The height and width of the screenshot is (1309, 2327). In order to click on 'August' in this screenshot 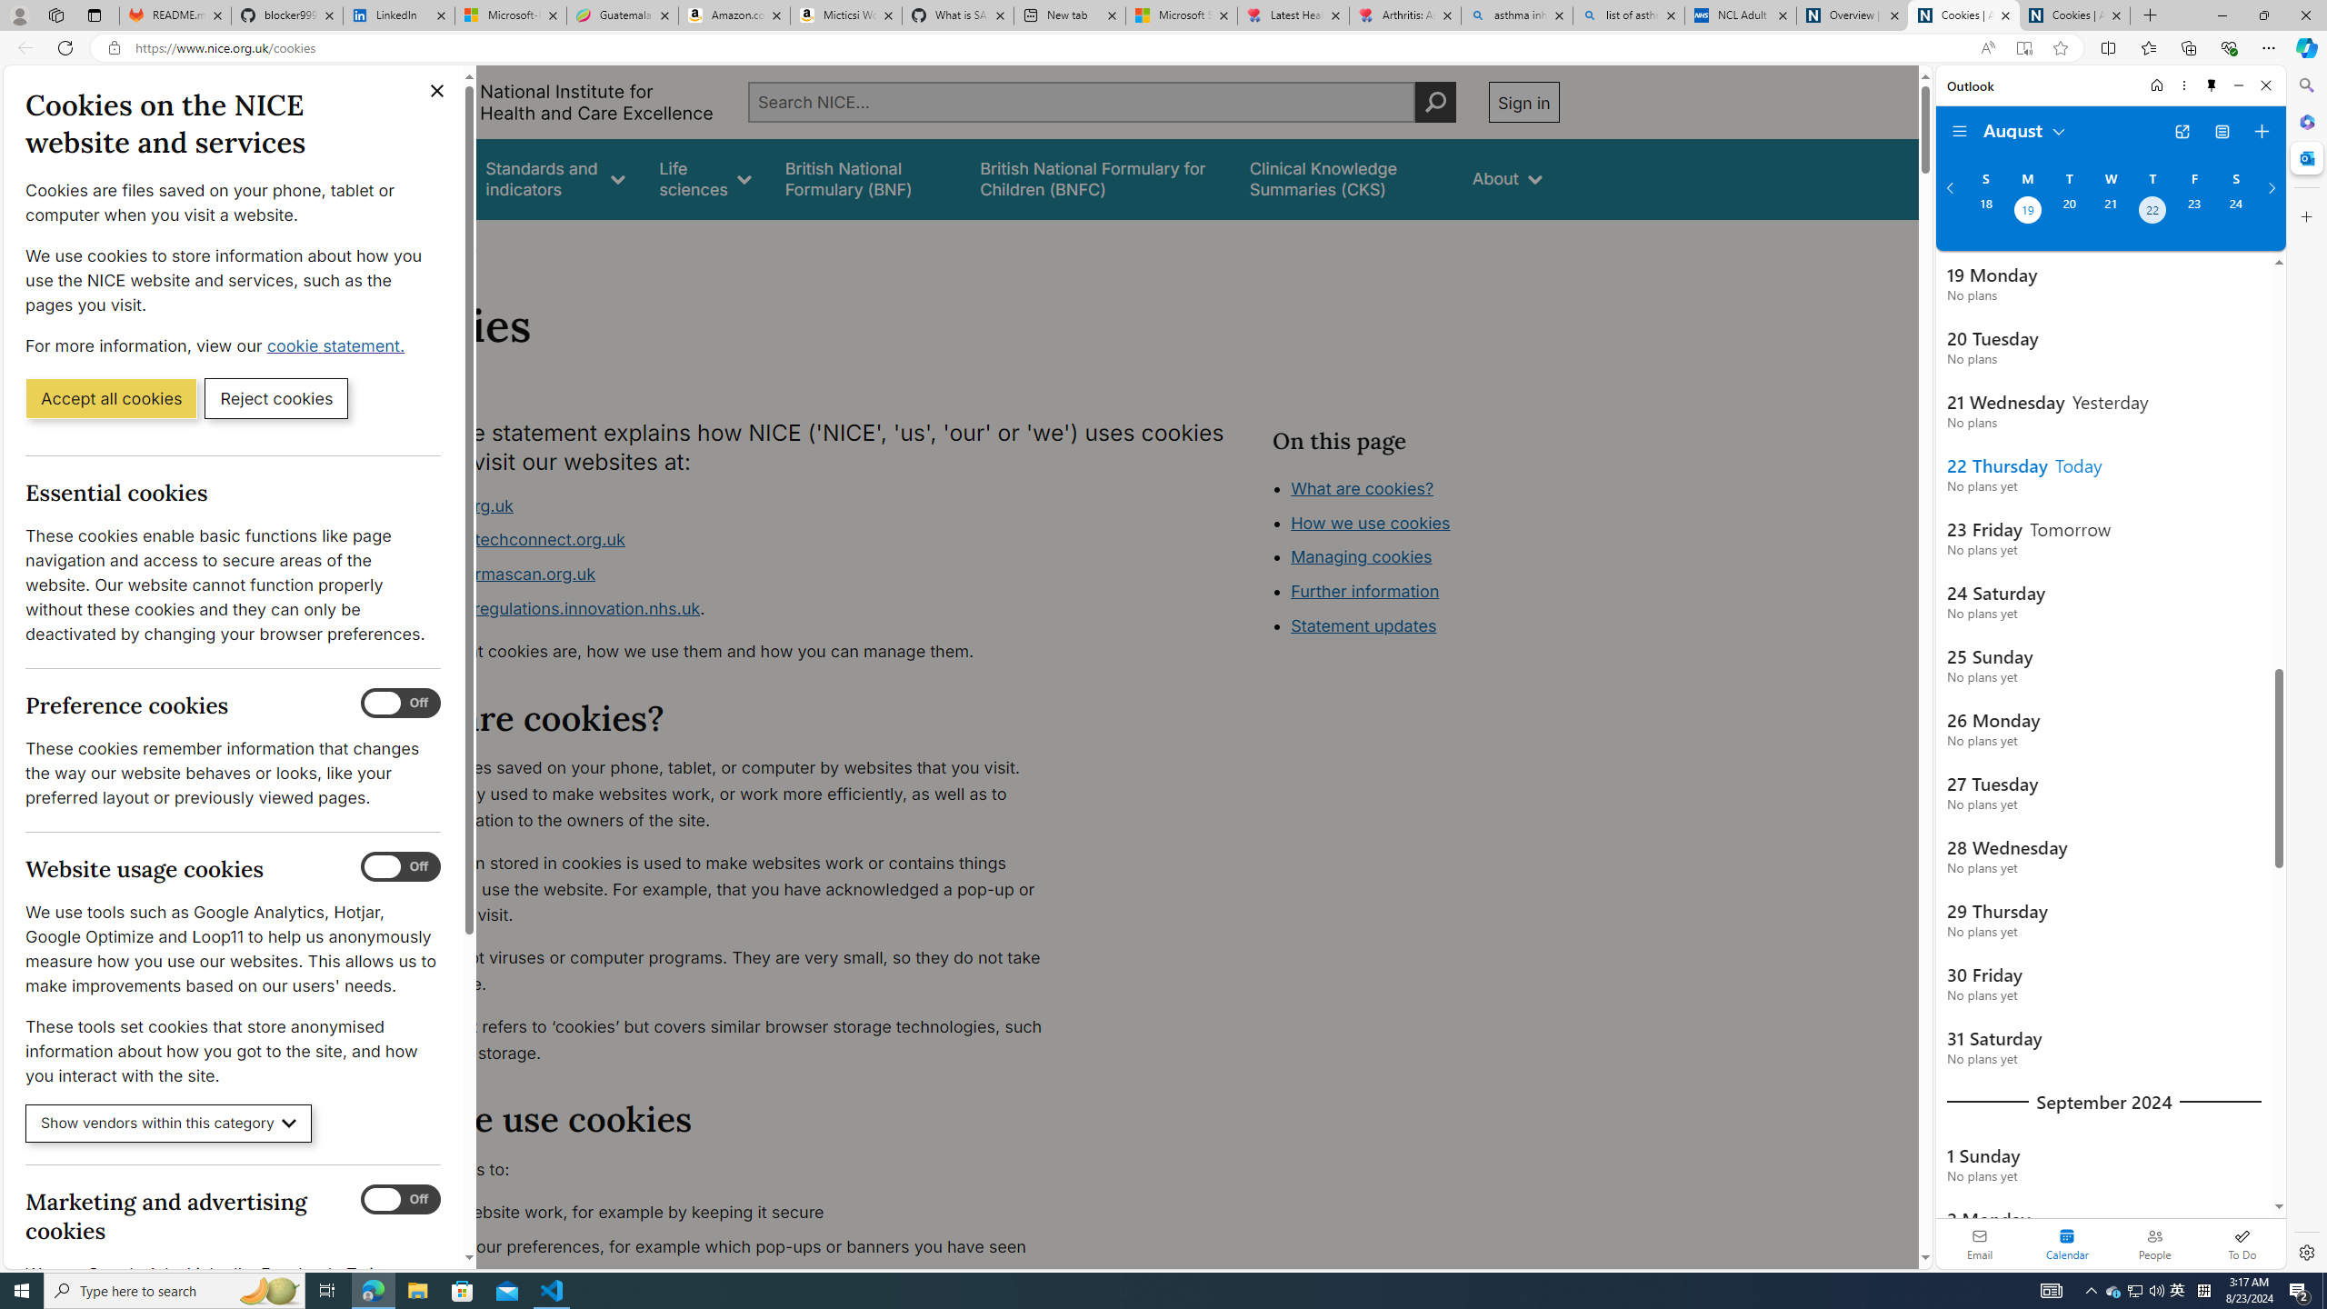, I will do `click(2024, 128)`.